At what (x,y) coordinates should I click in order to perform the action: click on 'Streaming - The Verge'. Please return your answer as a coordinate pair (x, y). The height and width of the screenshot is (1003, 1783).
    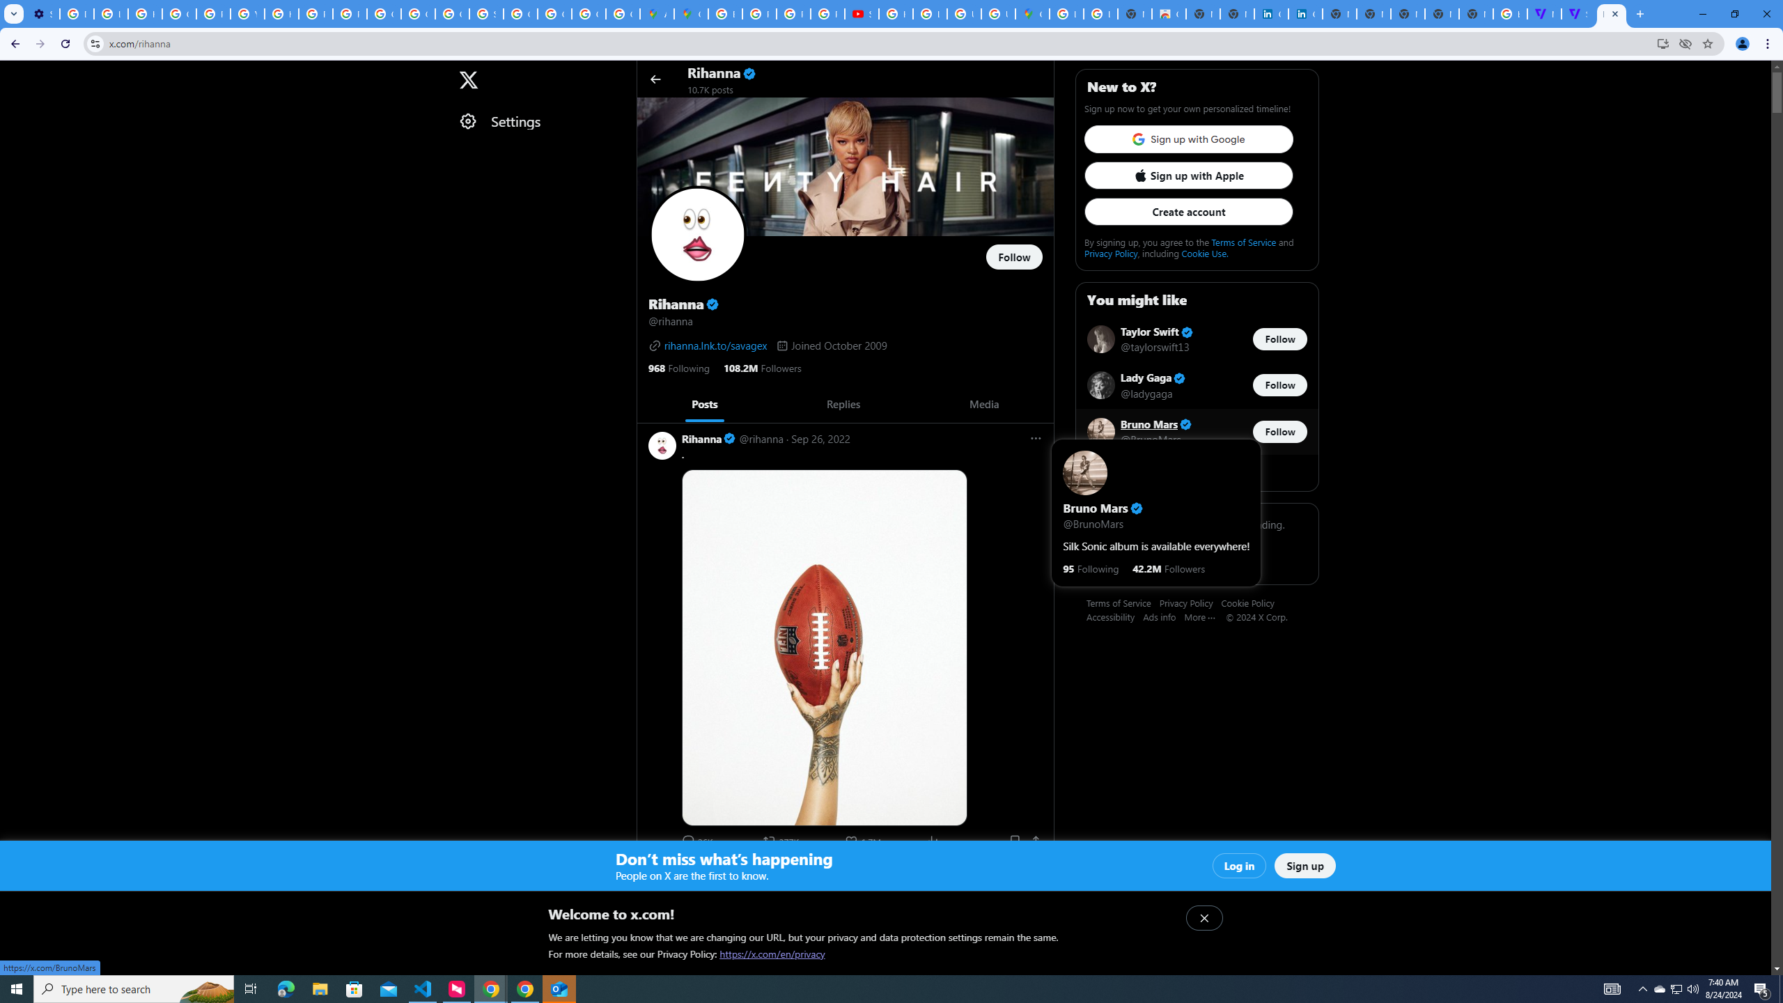
    Looking at the image, I should click on (1578, 13).